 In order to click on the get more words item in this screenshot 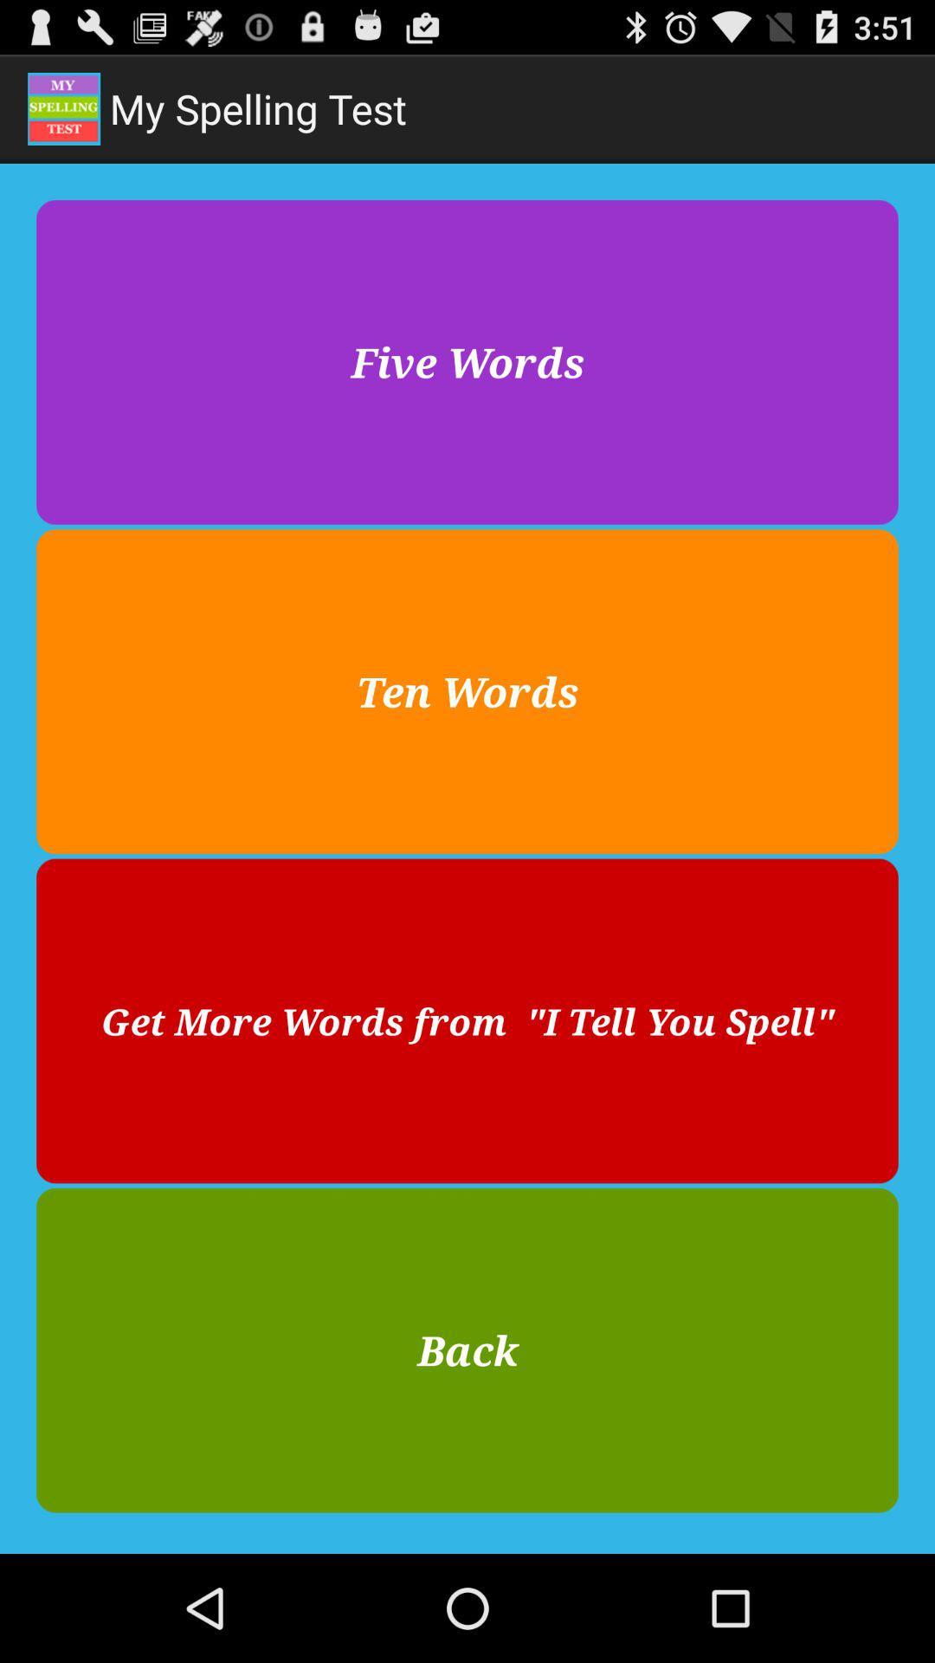, I will do `click(467, 1021)`.